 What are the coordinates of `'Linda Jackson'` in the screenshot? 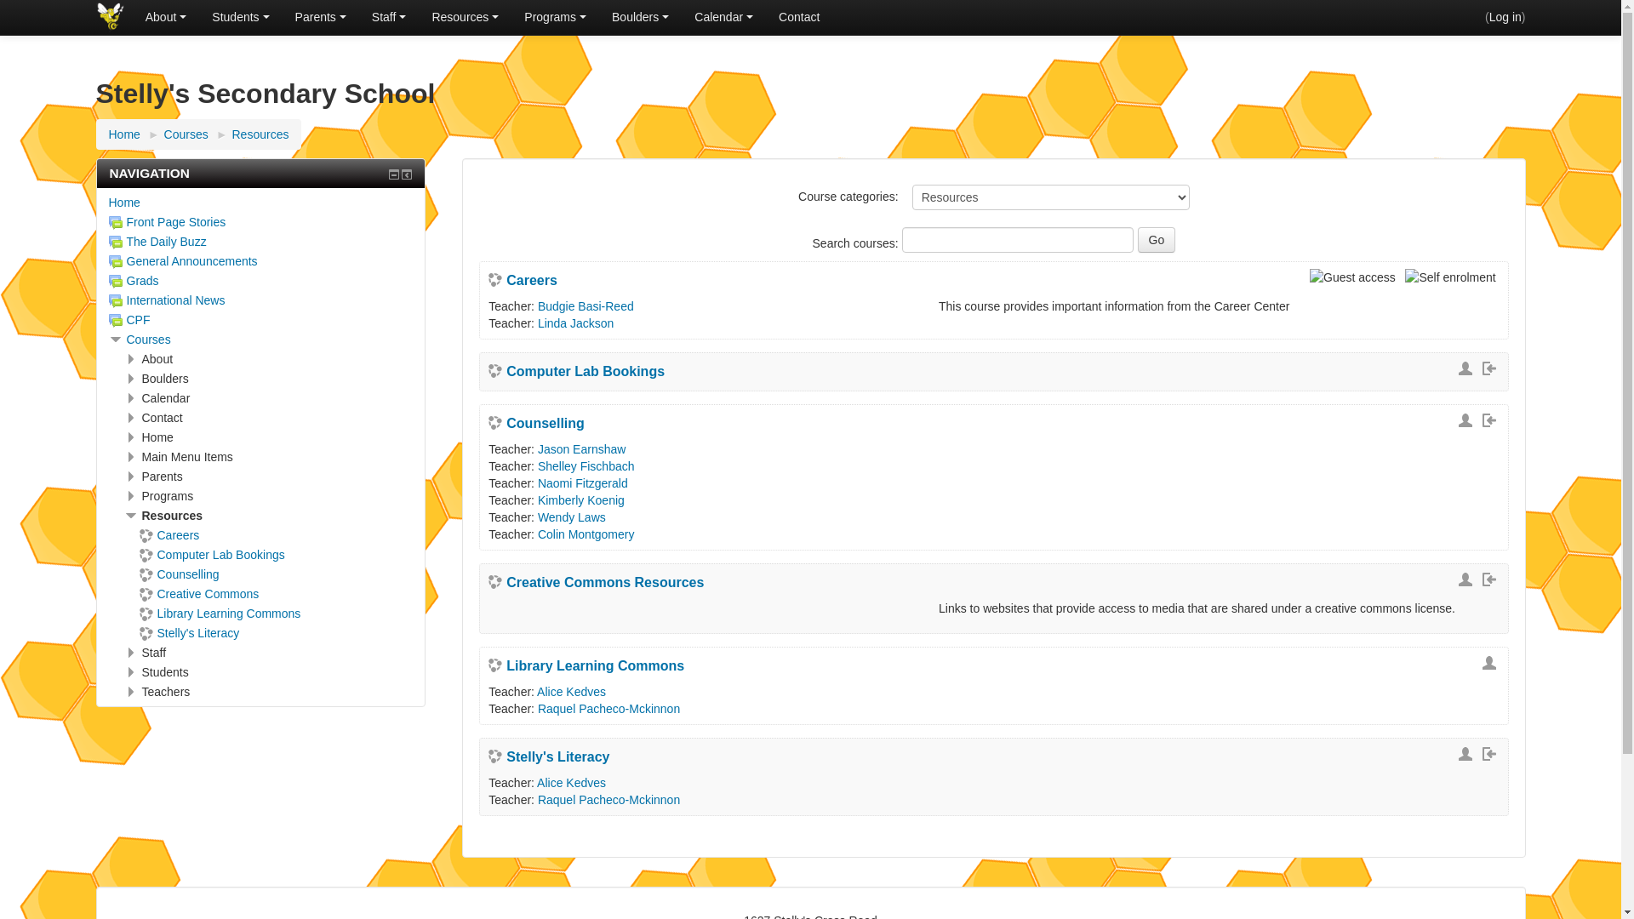 It's located at (537, 323).